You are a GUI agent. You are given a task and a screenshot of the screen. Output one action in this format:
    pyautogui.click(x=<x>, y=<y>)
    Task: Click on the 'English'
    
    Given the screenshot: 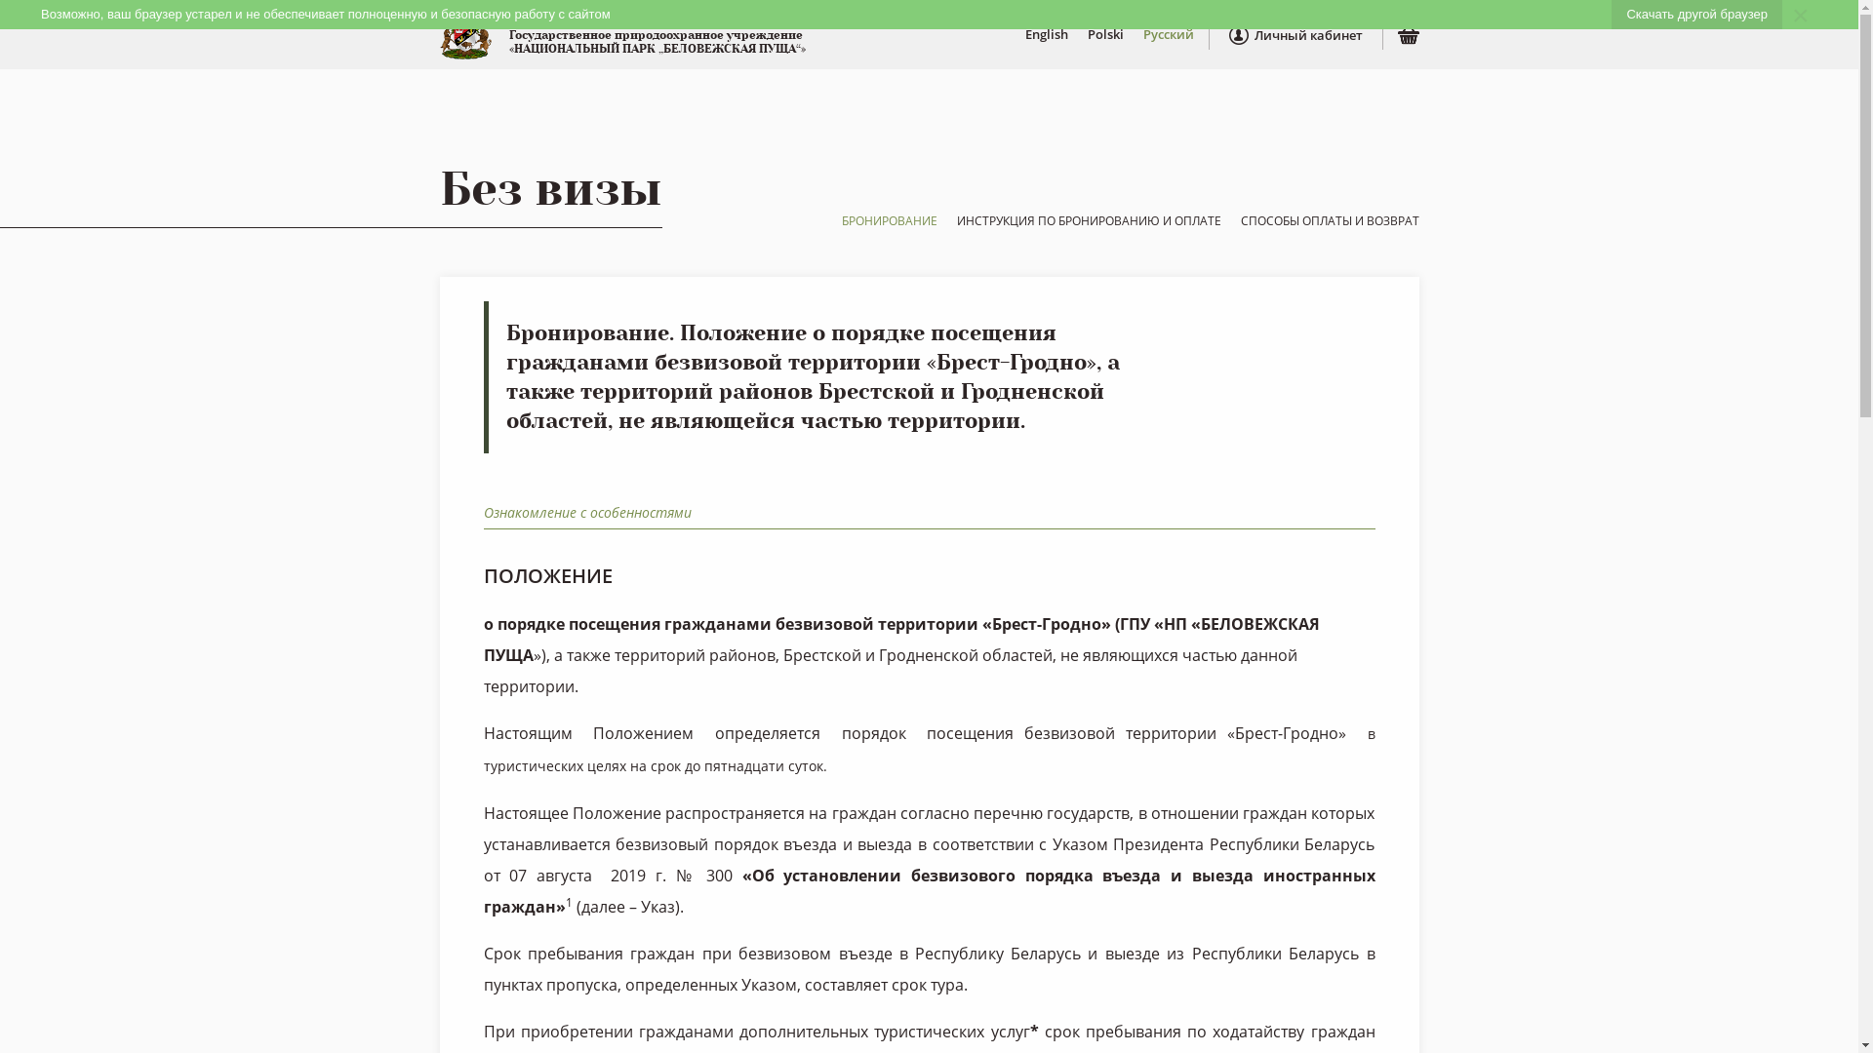 What is the action you would take?
    pyautogui.click(x=1044, y=34)
    